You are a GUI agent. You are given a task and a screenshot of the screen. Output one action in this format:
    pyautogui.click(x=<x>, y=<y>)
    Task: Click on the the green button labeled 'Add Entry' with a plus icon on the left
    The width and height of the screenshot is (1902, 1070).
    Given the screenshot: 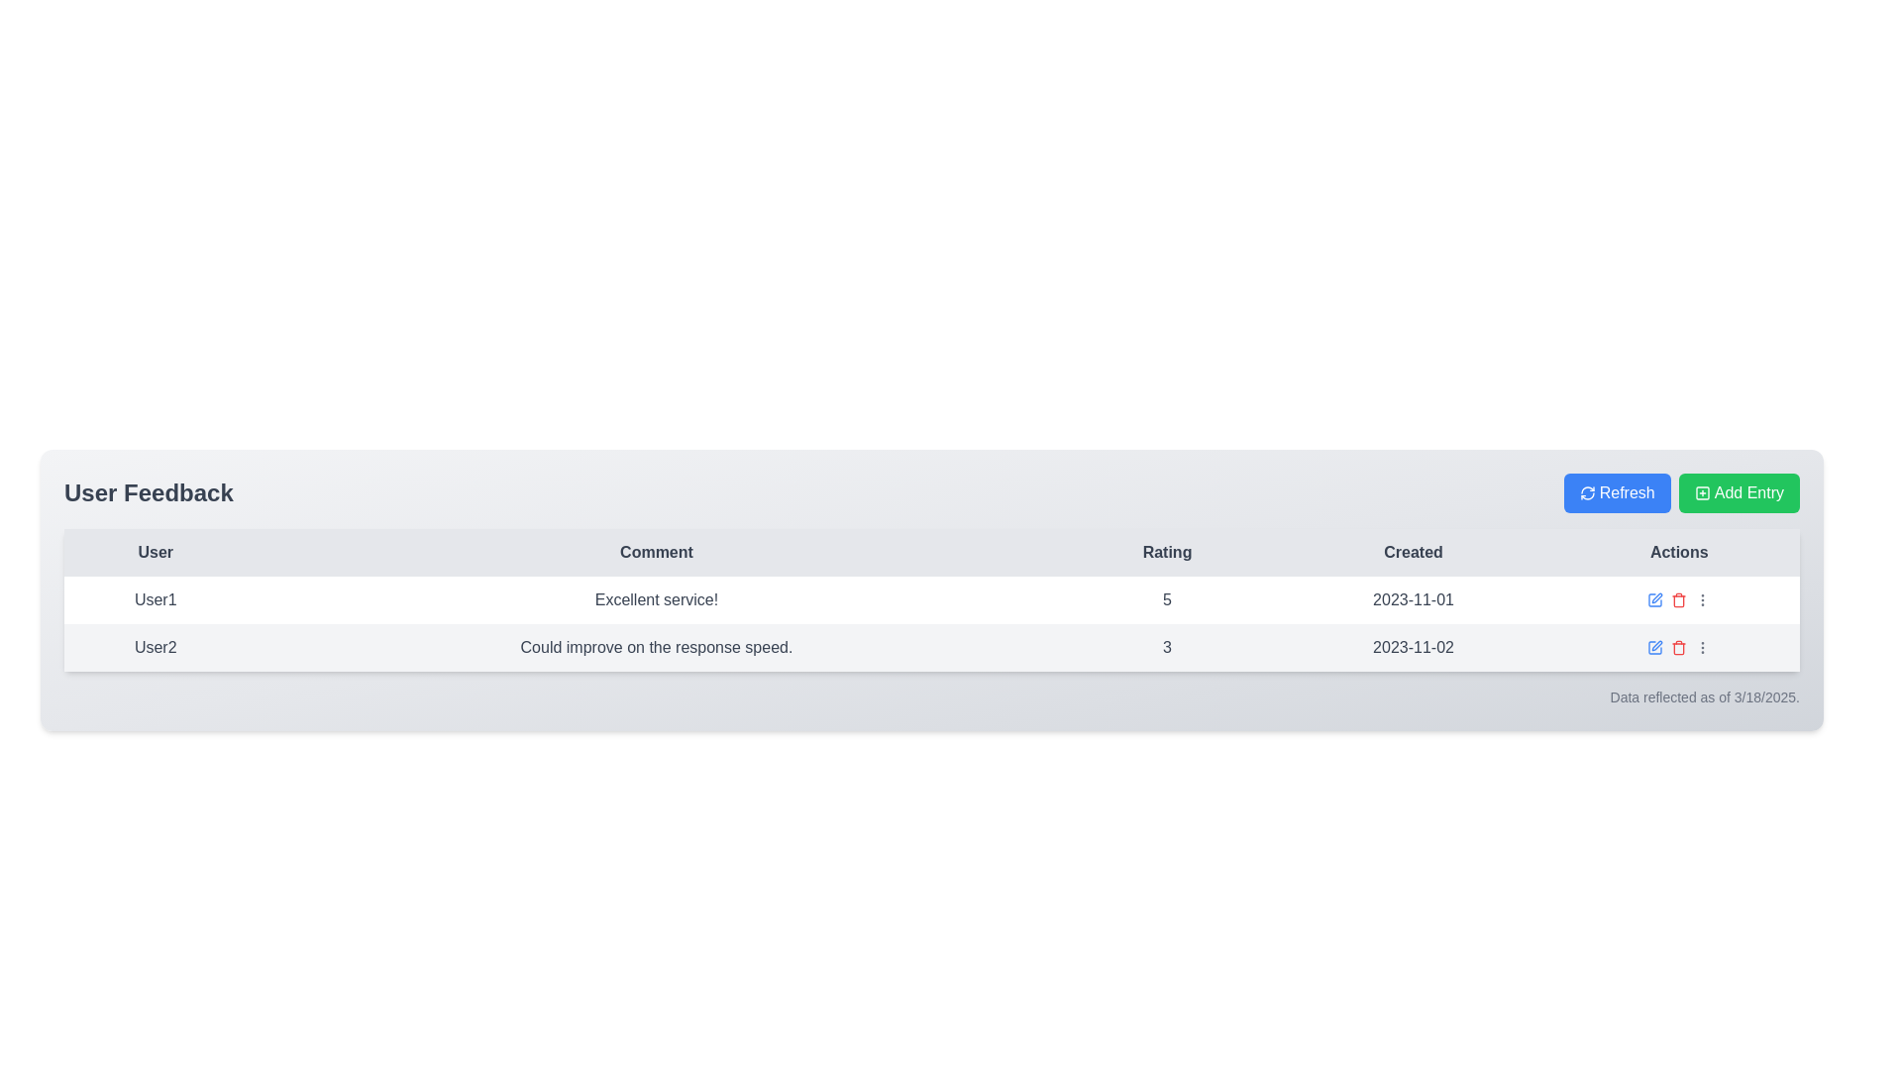 What is the action you would take?
    pyautogui.click(x=1738, y=491)
    